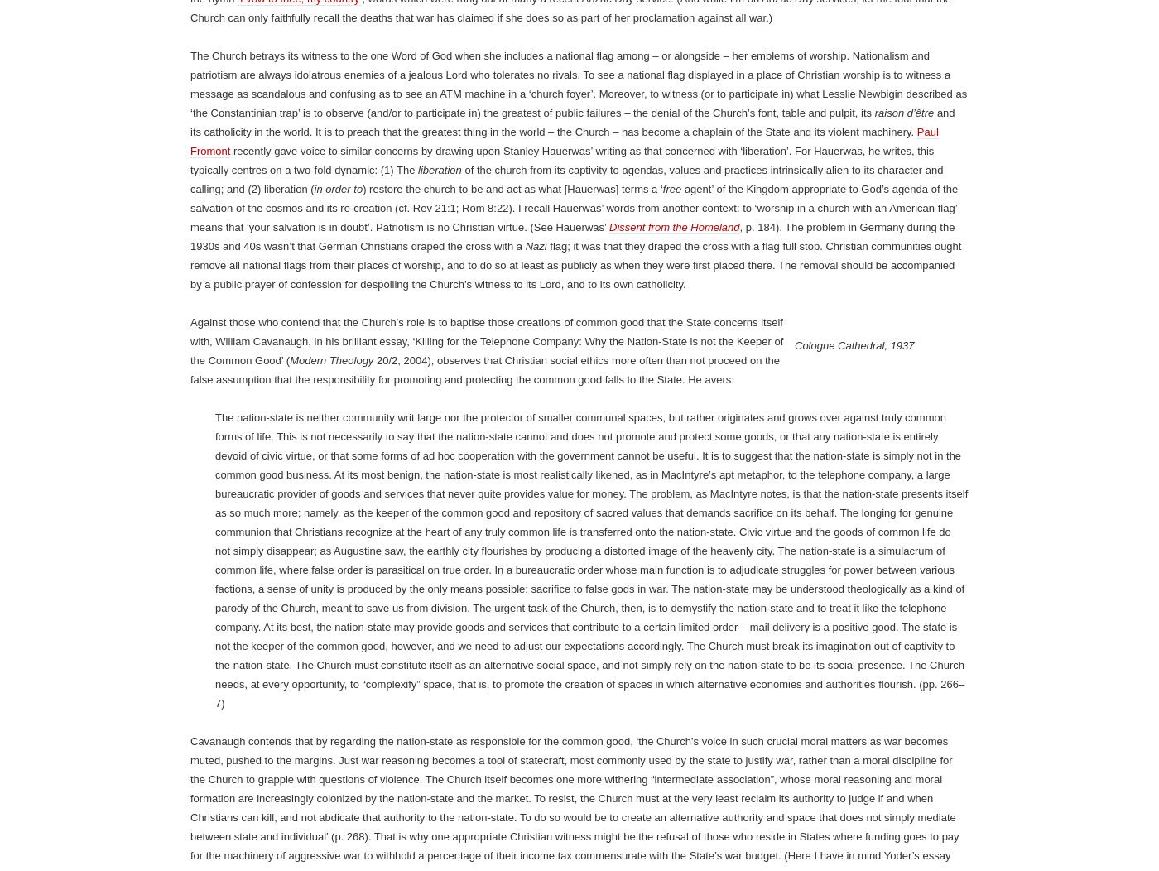  Describe the element at coordinates (579, 718) in the screenshot. I see `'The Church betrays its witness to the one Word of God when she includes a national flag among – or alongside – her emblems of worship. Nationalism and patriotism are always idolatrous enemies of a jealous Lord who tolerates no rivals. To see a national flag displayed in a place of Christian worship is to witness a message as scandalous and confusing as to see an ATM machine in a ‘church foyer’. Moreover, to witness (or to participate in) what Lesslie Newbigin described as ‘the Constantinian trap’ is to observe (and/or to participate in) the greatest of public failures – the denial of the Church’s font, table and pulpit, its'` at that location.